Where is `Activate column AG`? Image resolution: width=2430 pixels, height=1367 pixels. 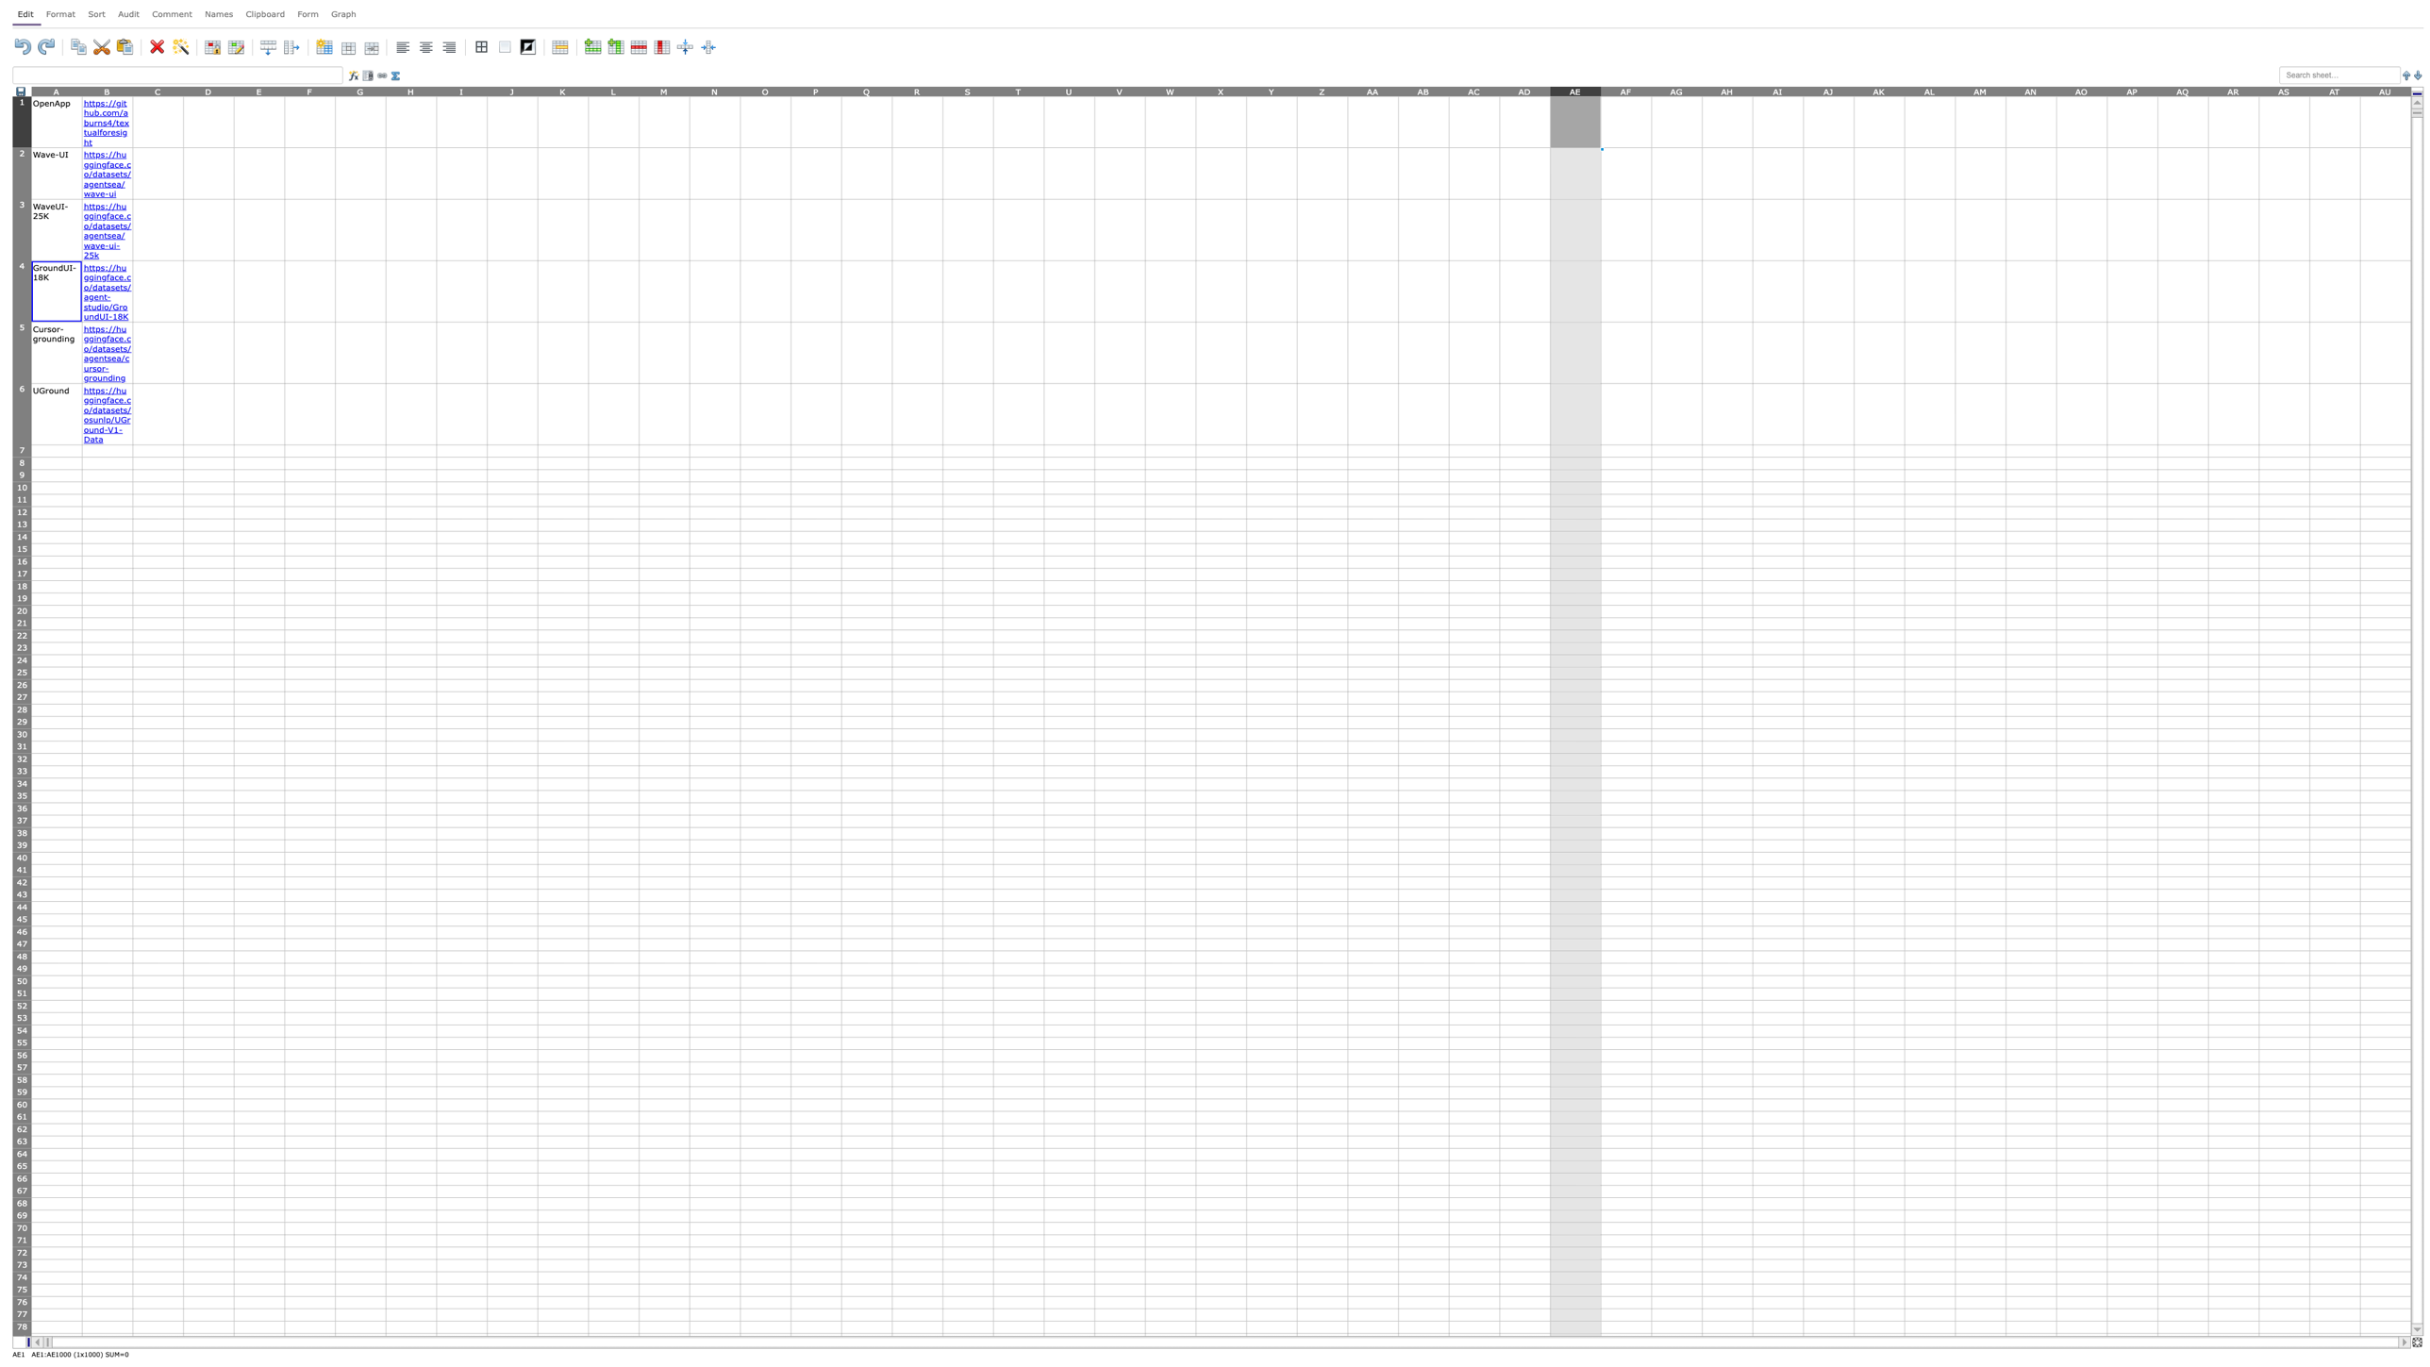 Activate column AG is located at coordinates (1675, 90).